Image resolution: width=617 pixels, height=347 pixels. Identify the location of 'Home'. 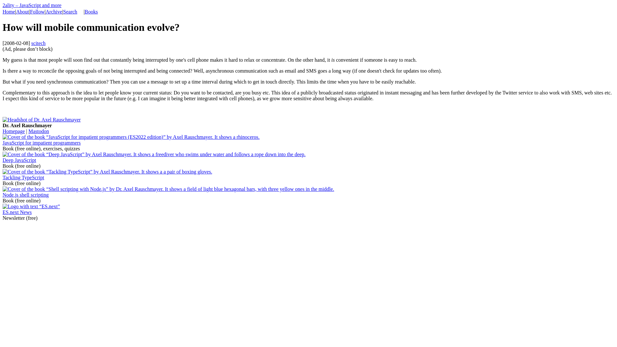
(9, 12).